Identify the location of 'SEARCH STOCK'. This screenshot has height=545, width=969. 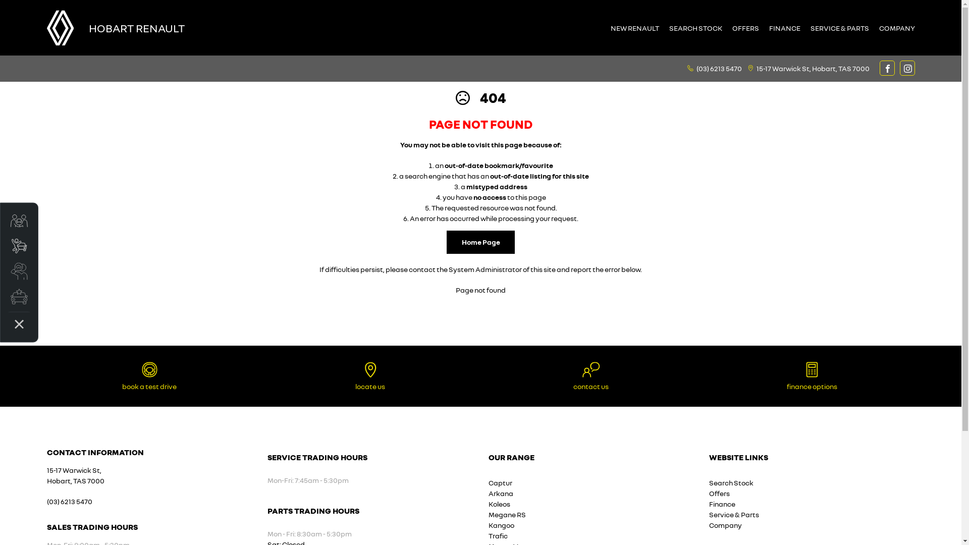
(695, 27).